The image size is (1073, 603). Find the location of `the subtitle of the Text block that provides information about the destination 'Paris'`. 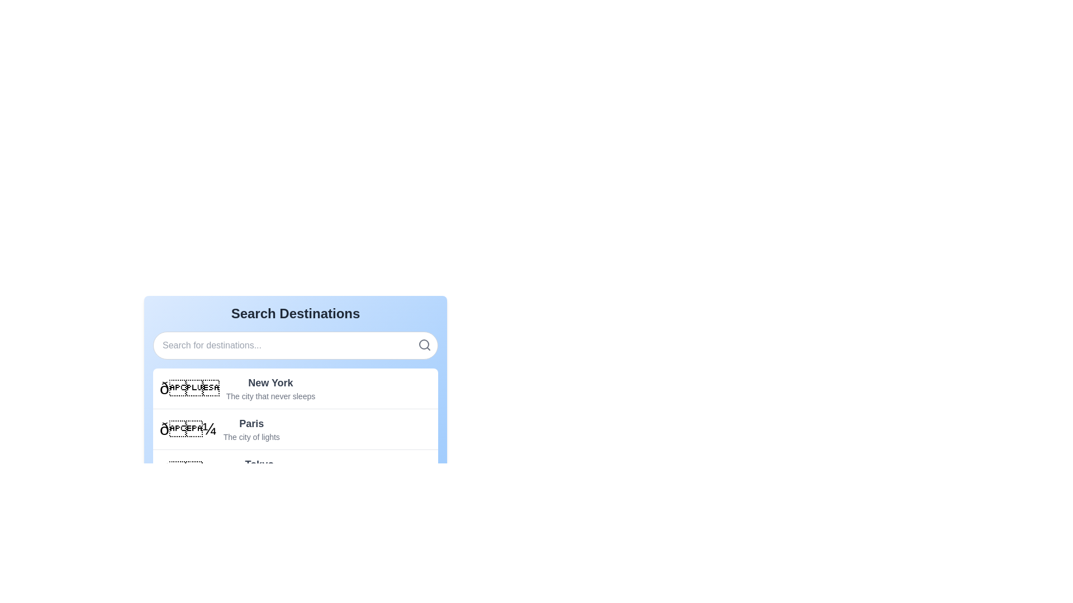

the subtitle of the Text block that provides information about the destination 'Paris' is located at coordinates (251, 428).